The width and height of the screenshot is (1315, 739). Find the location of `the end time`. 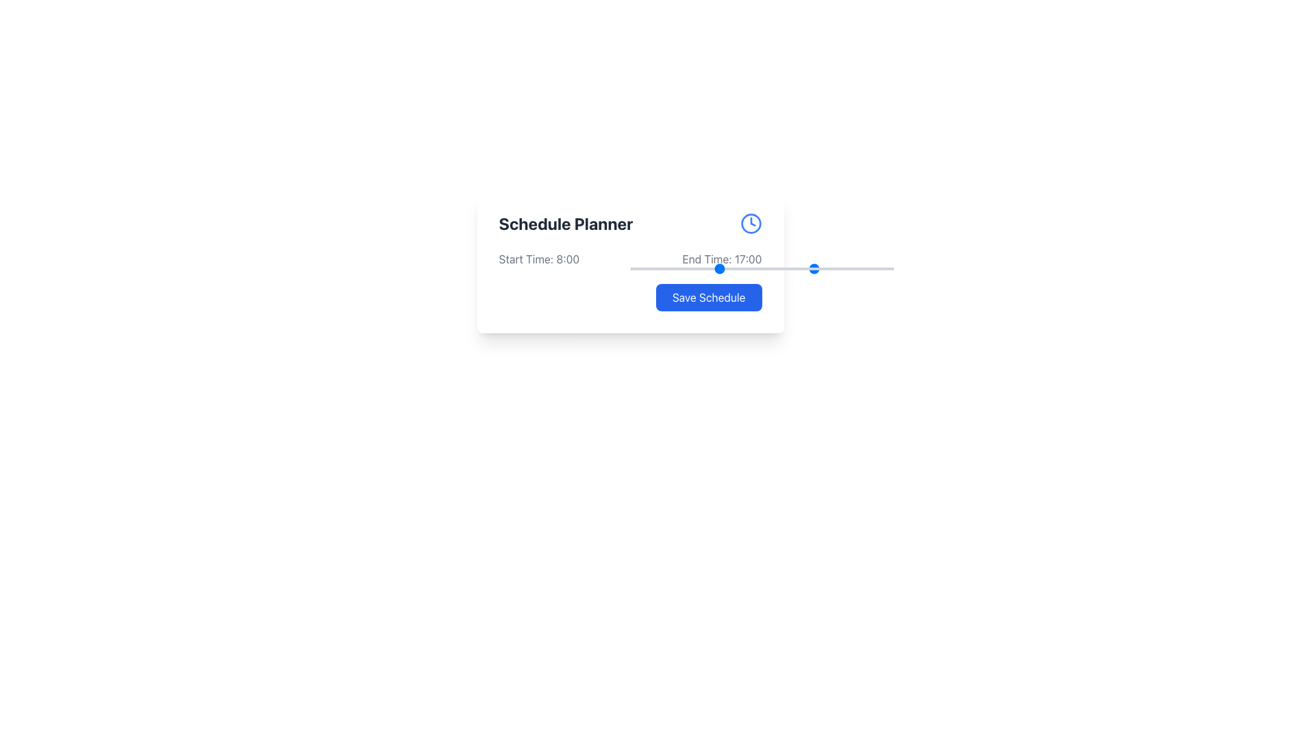

the end time is located at coordinates (794, 269).